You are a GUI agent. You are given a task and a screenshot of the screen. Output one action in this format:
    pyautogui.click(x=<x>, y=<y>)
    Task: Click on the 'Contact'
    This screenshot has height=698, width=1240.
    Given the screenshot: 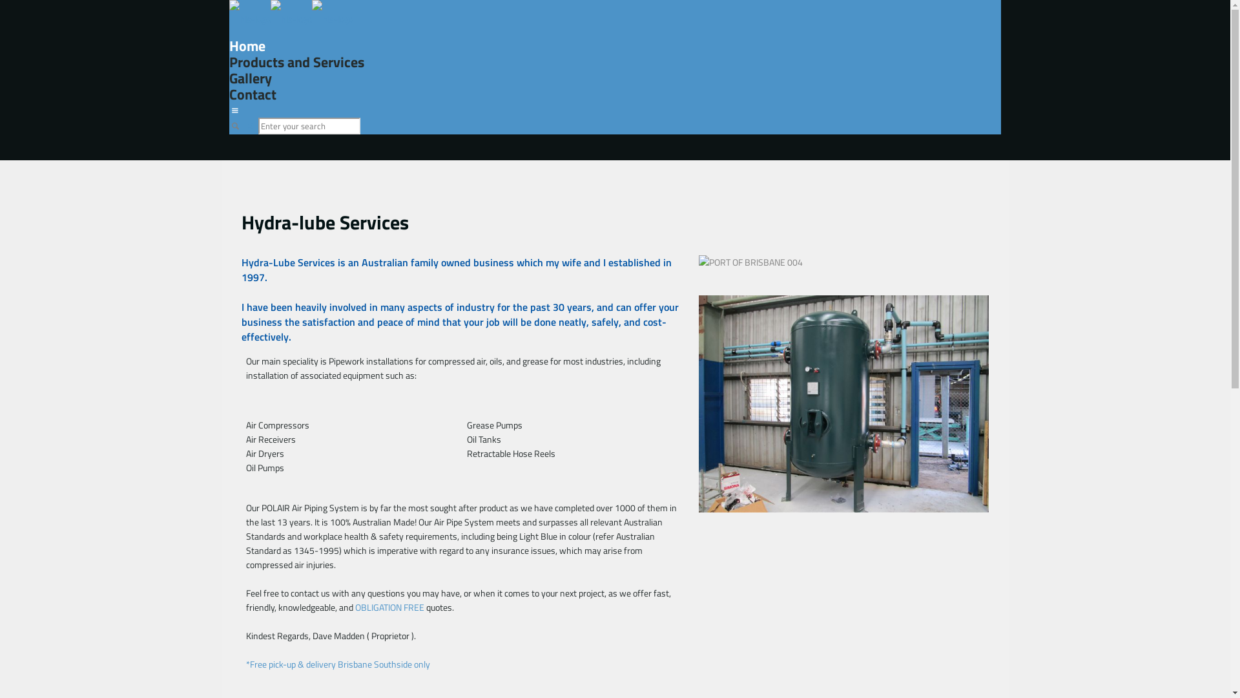 What is the action you would take?
    pyautogui.click(x=253, y=94)
    